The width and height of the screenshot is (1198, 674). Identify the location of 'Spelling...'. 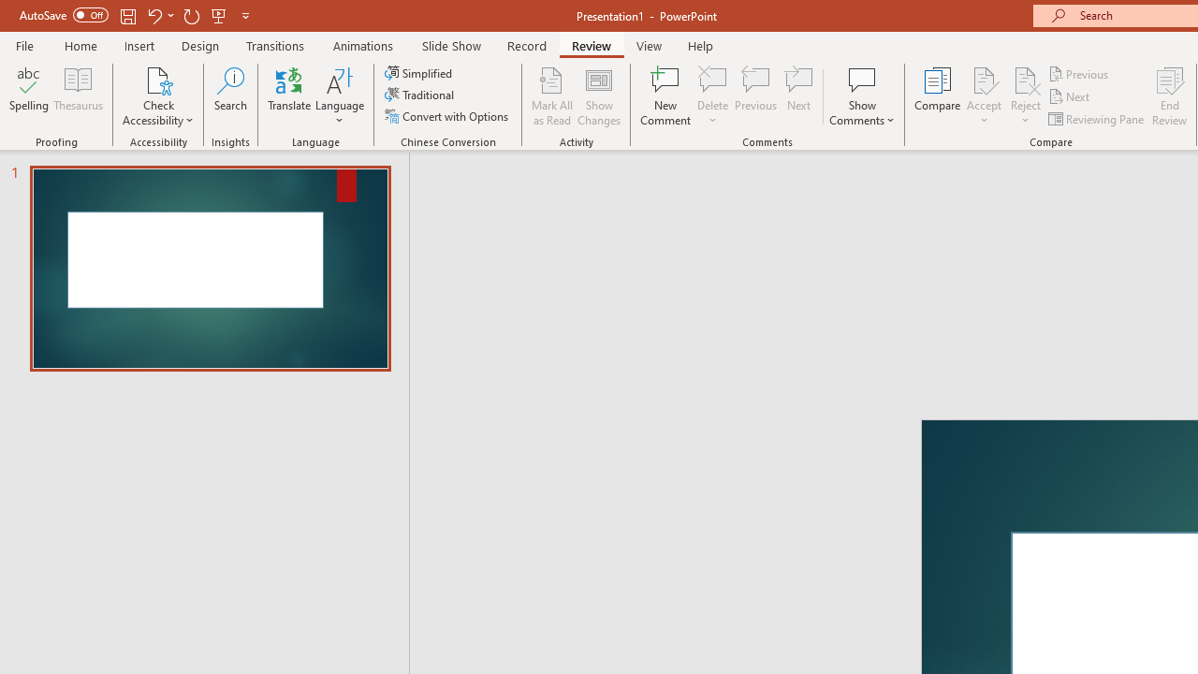
(29, 96).